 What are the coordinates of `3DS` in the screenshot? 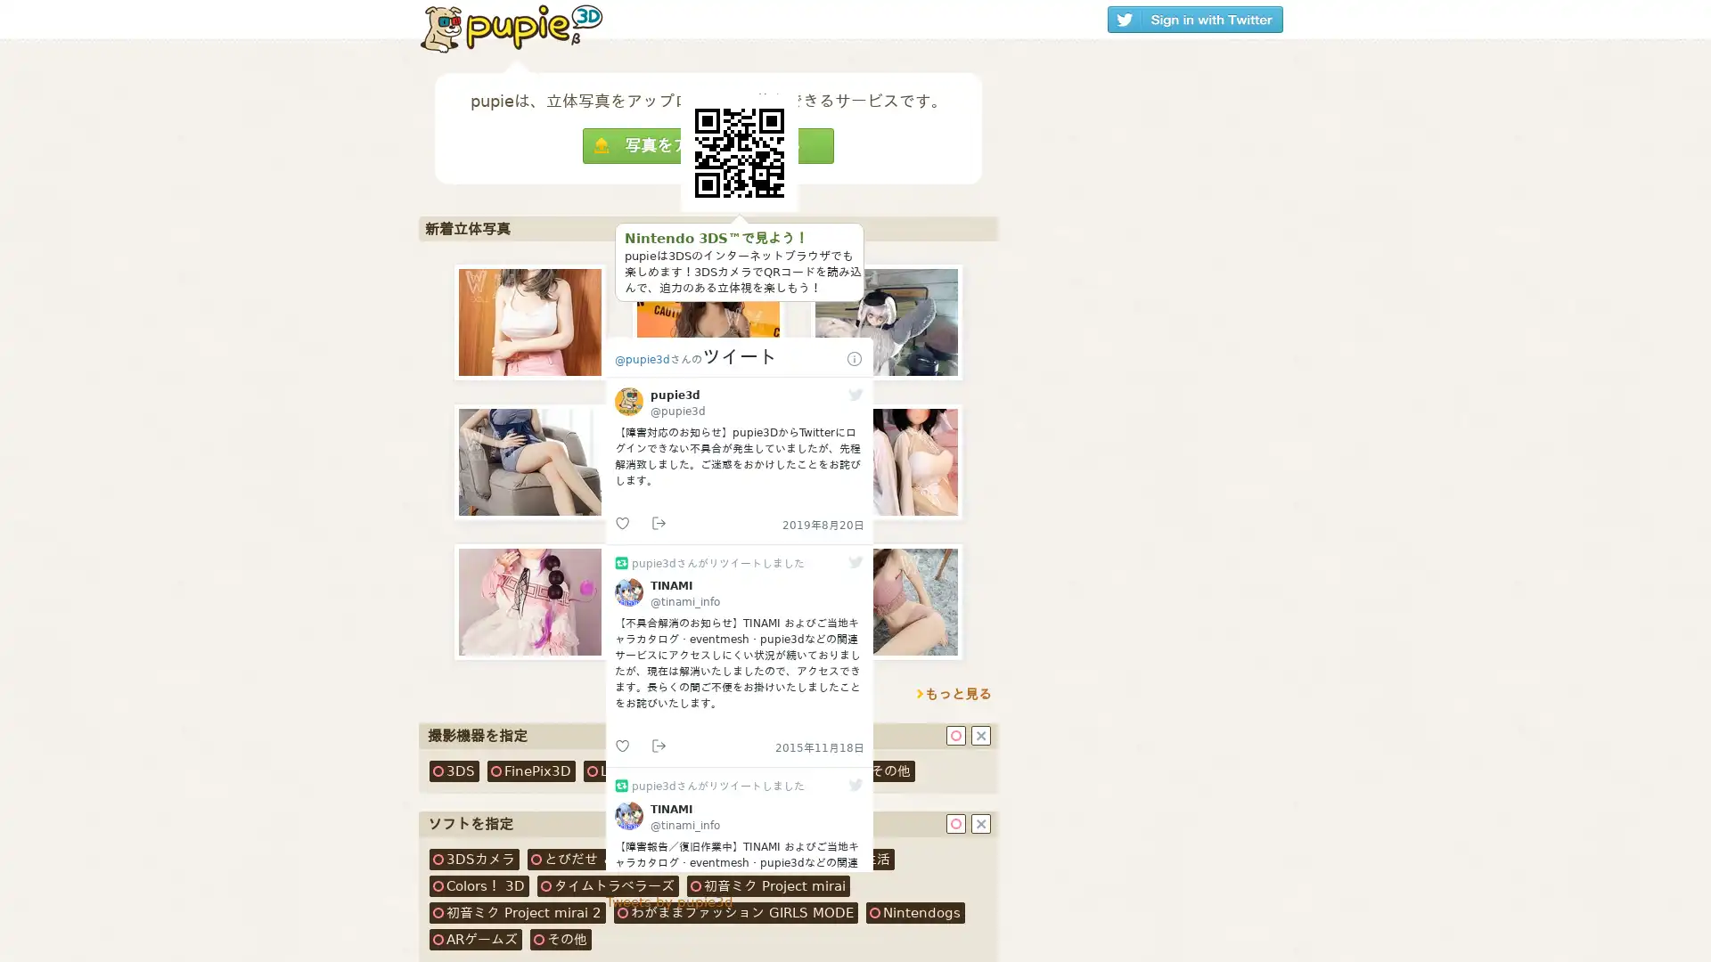 It's located at (454, 770).